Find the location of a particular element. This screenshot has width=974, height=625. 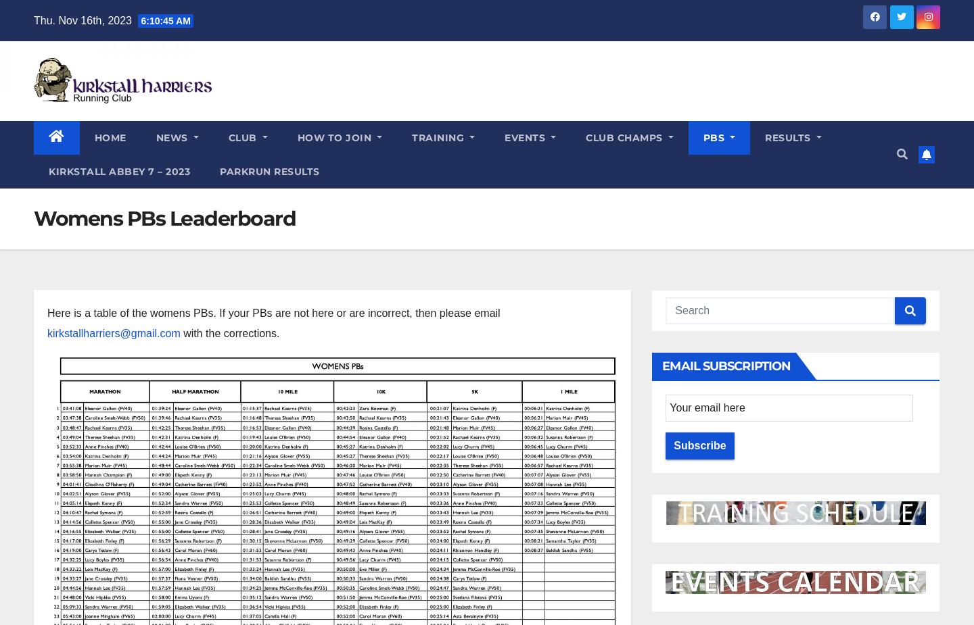

'News' is located at coordinates (172, 136).